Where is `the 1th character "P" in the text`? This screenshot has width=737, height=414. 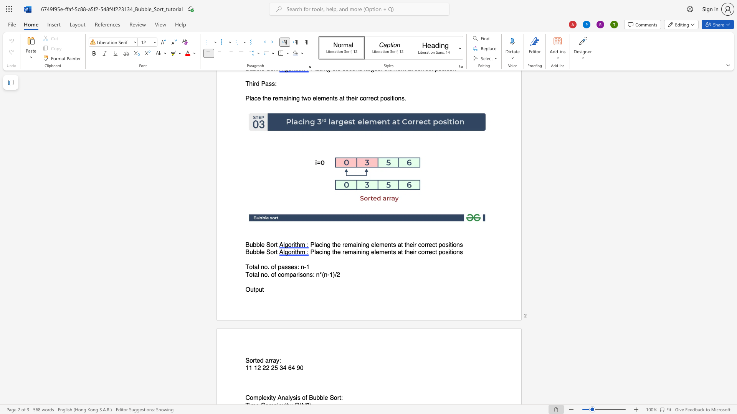 the 1th character "P" in the text is located at coordinates (312, 252).